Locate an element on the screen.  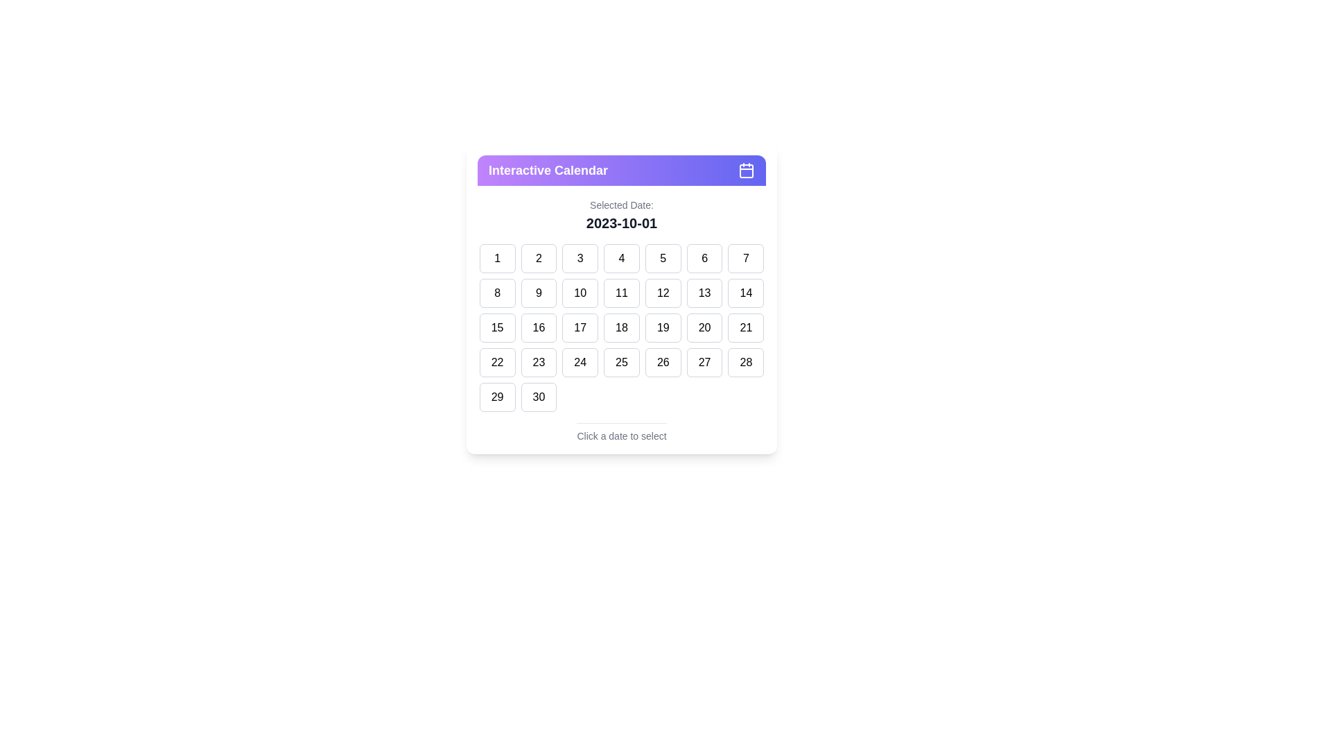
the rounded rectangular button displaying the number '6' in the first row and sixth column of the grid in the 'Interactive Calendar' panel to trigger the hover effect is located at coordinates (704, 259).